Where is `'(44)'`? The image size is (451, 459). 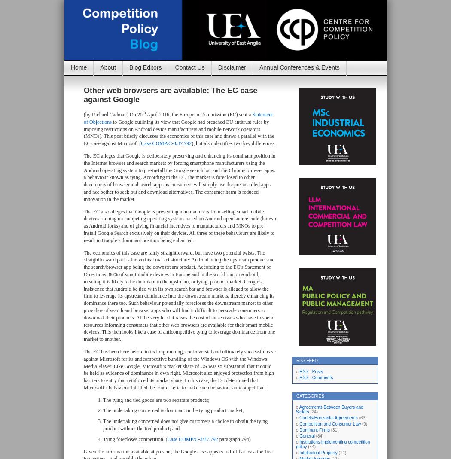 '(44)' is located at coordinates (311, 447).